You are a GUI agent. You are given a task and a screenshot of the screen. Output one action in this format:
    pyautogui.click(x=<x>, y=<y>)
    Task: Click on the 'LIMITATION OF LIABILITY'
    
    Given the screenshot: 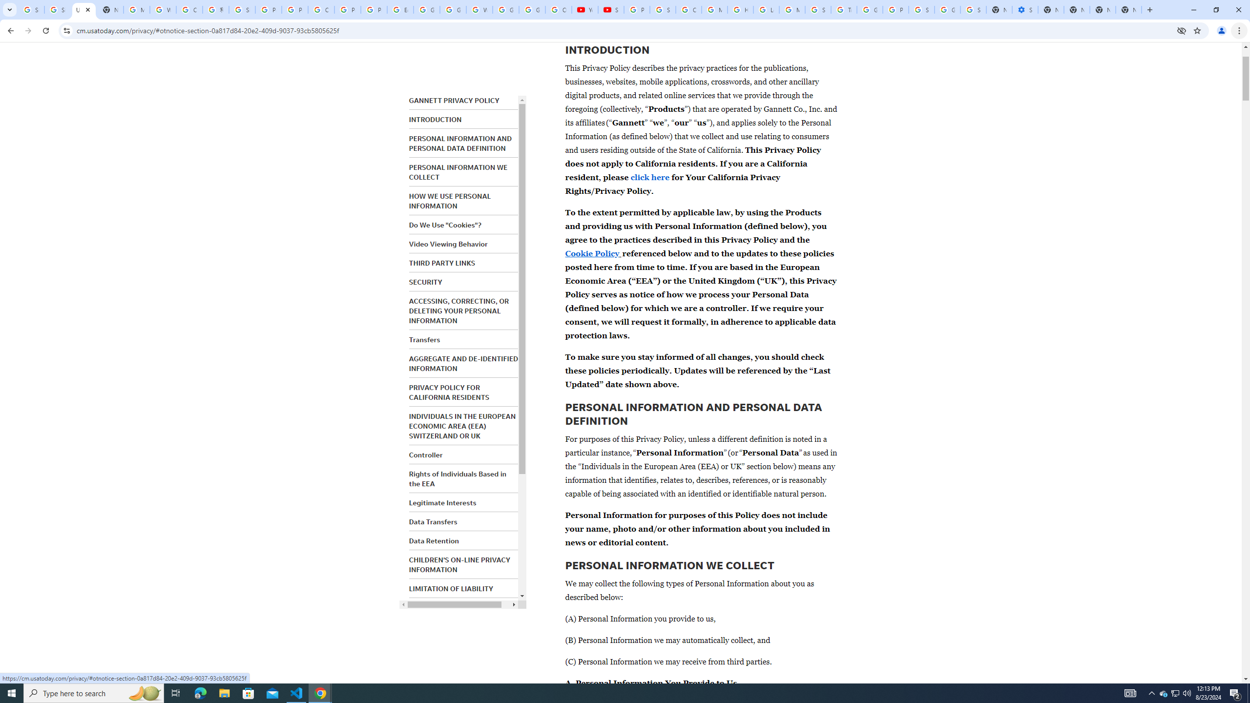 What is the action you would take?
    pyautogui.click(x=451, y=589)
    